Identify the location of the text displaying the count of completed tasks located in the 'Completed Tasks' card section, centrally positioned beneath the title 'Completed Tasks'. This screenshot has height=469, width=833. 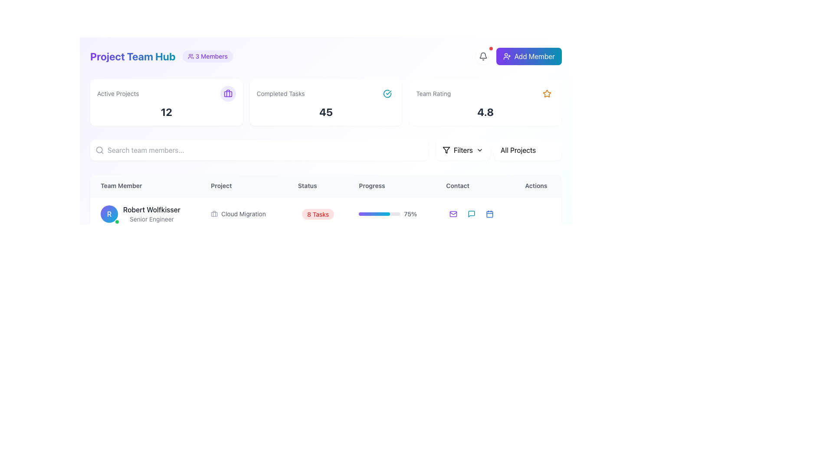
(325, 112).